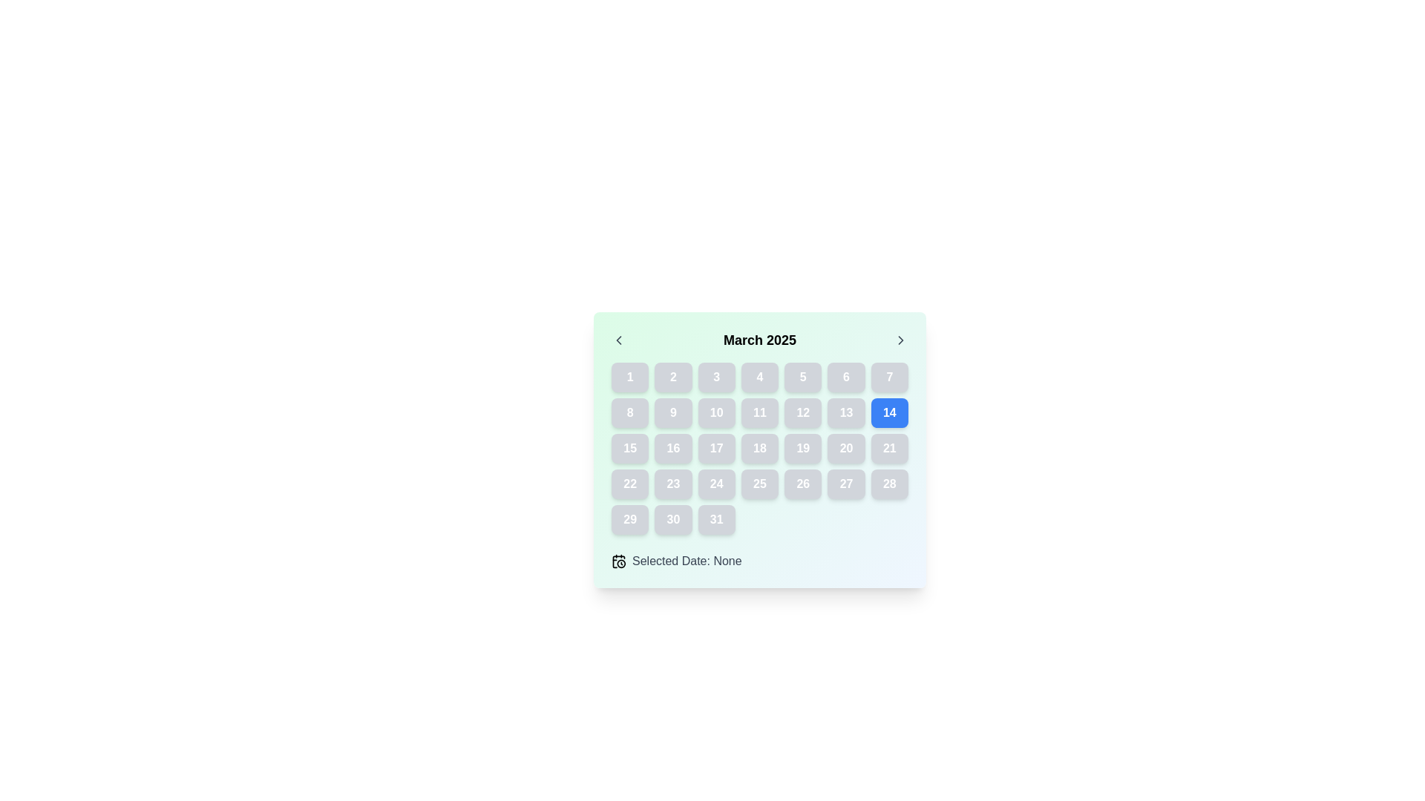  What do you see at coordinates (630, 448) in the screenshot?
I see `the rounded rectangular button labeled '15' with a light gray background` at bounding box center [630, 448].